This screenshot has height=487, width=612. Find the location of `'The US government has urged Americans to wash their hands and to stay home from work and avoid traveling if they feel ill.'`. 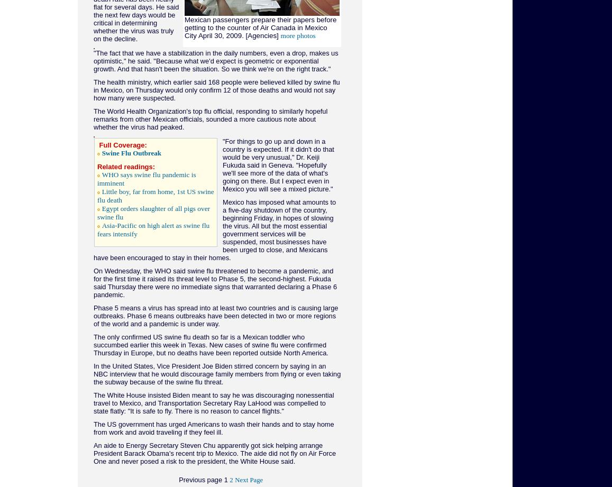

'The US government has urged Americans to wash their hands and to stay home from work and avoid traveling if they feel ill.' is located at coordinates (213, 428).